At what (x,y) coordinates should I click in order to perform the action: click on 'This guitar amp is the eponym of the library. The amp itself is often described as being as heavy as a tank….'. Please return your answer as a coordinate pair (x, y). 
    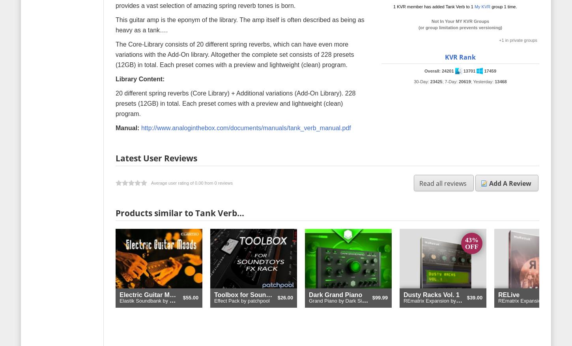
    Looking at the image, I should click on (116, 24).